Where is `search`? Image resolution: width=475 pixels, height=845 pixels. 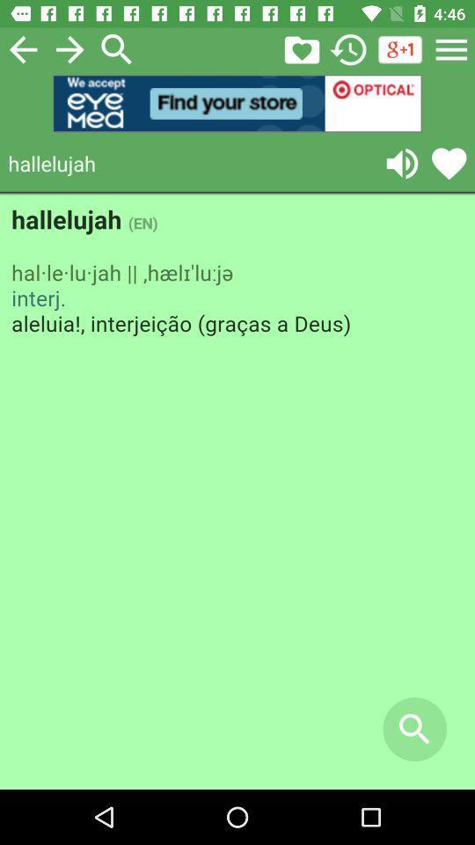
search is located at coordinates (117, 48).